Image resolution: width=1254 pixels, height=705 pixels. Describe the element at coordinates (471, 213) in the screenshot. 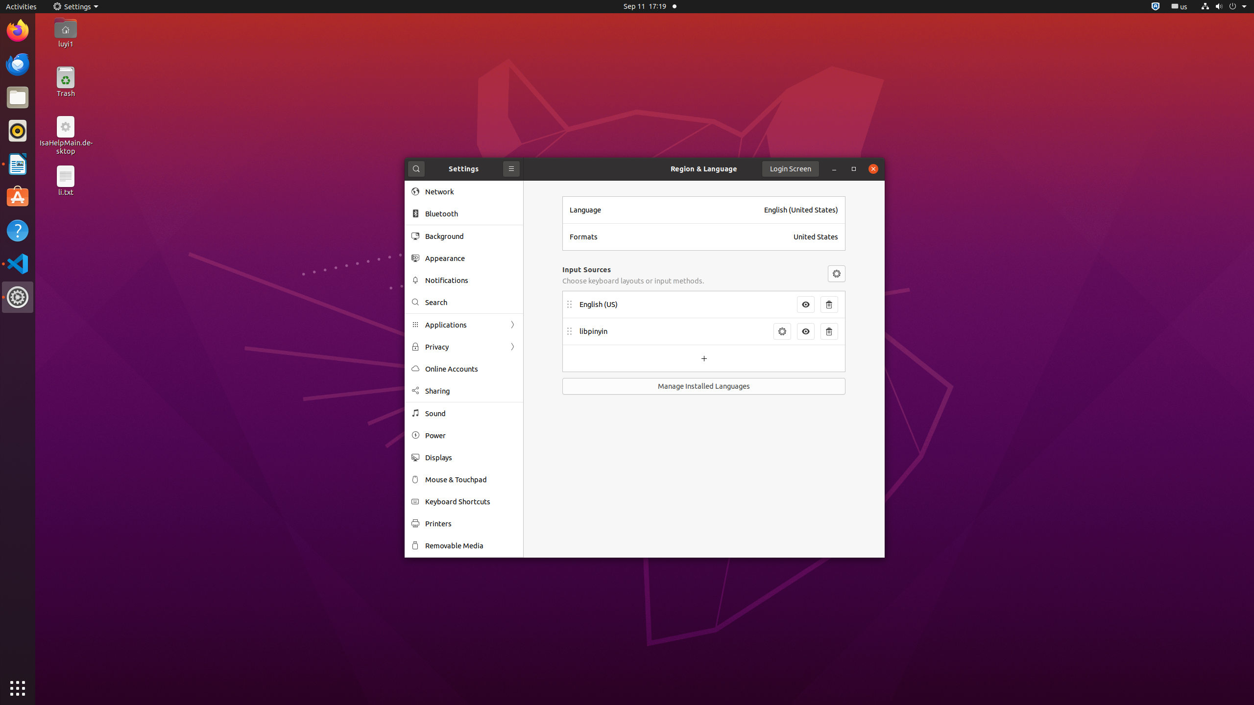

I see `'Bluetooth'` at that location.